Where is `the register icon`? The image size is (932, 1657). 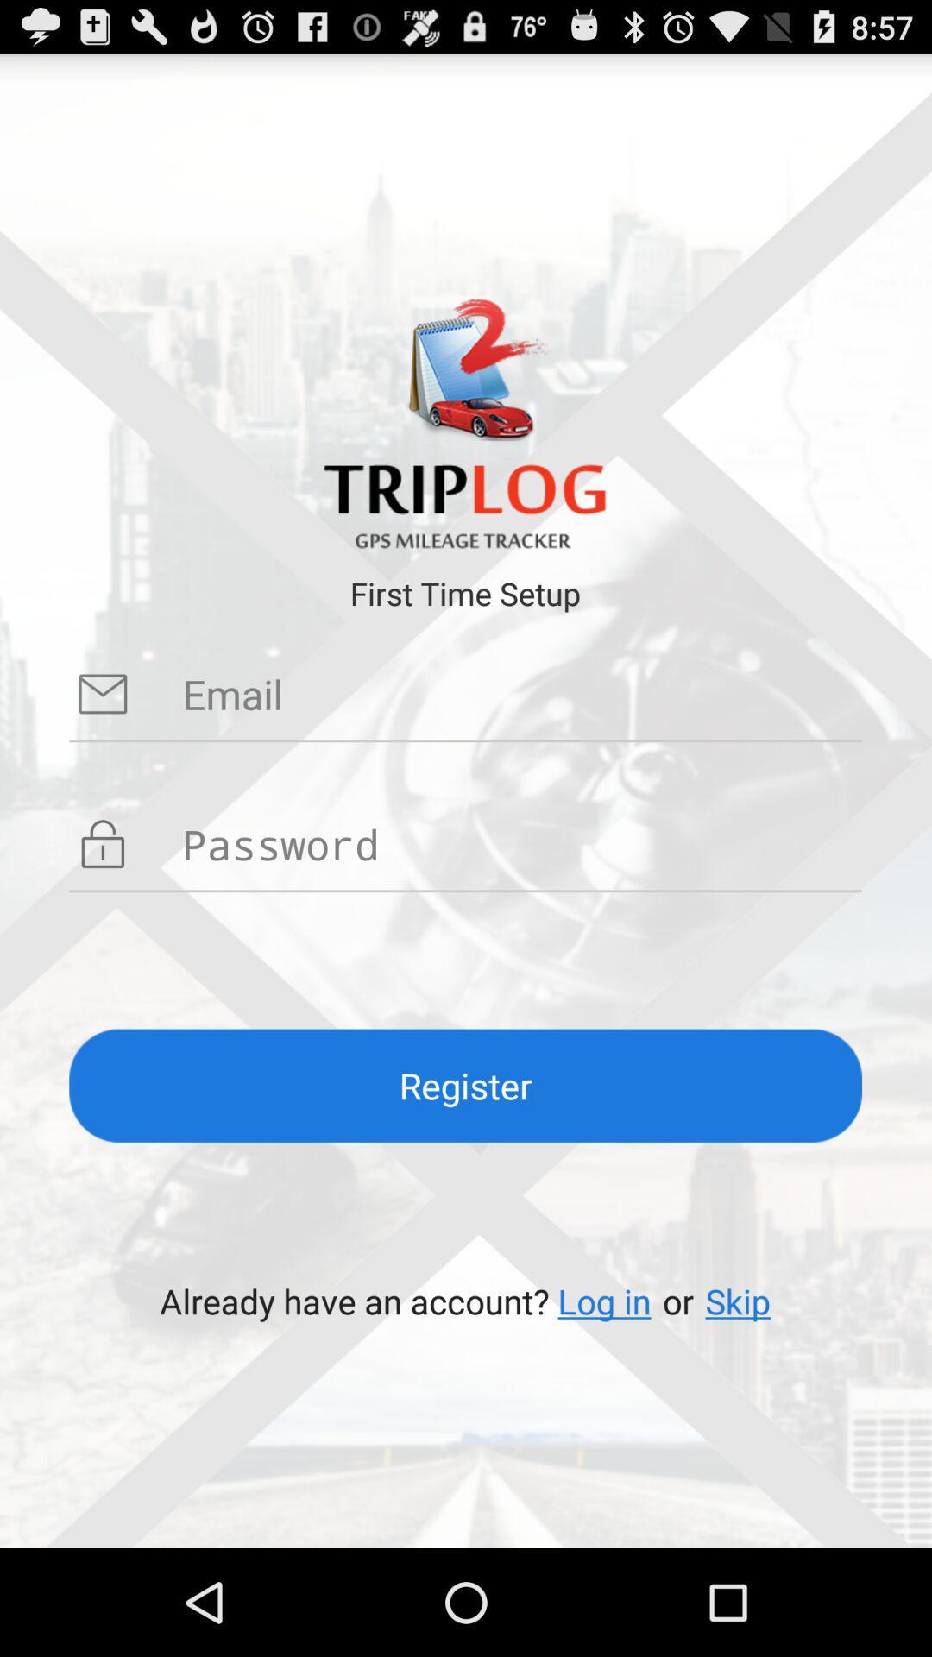
the register icon is located at coordinates (464, 1085).